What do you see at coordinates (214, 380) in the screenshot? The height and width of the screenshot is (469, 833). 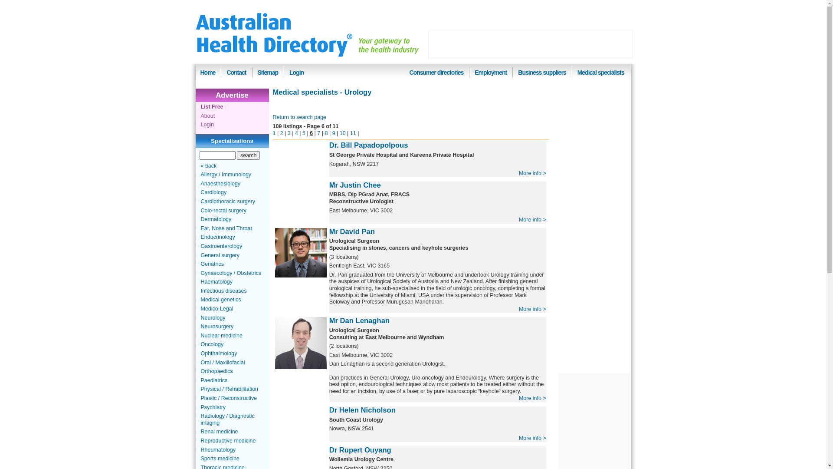 I see `'Paediatrics'` at bounding box center [214, 380].